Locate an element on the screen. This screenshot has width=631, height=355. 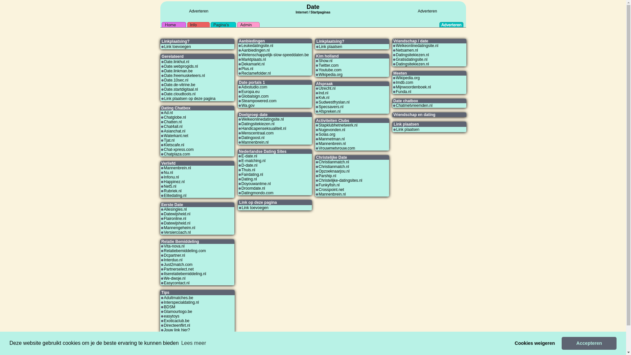
'Manmetman.nl' is located at coordinates (332, 139).